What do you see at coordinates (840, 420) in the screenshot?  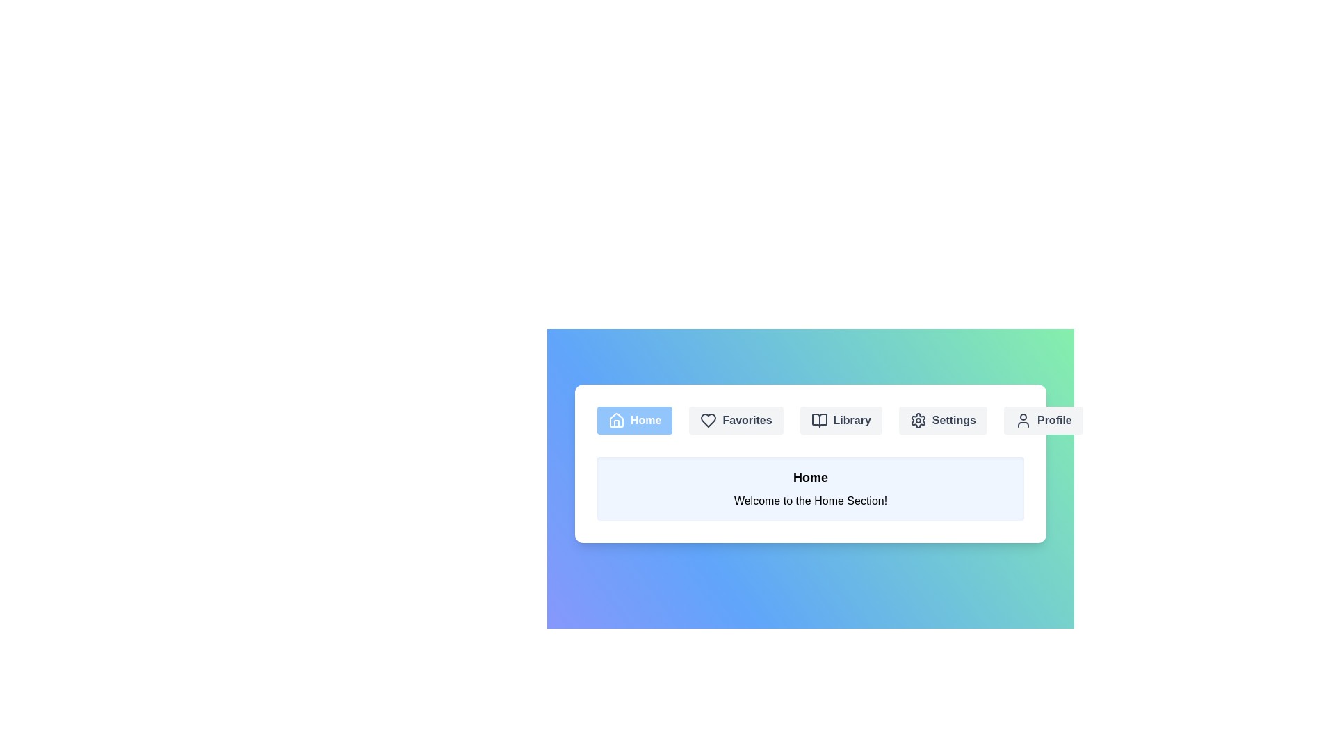 I see `the 'Library' button, which is the third button in the navigation bar located between 'Favorites' and 'Settings', to observe a possible hover effect` at bounding box center [840, 420].